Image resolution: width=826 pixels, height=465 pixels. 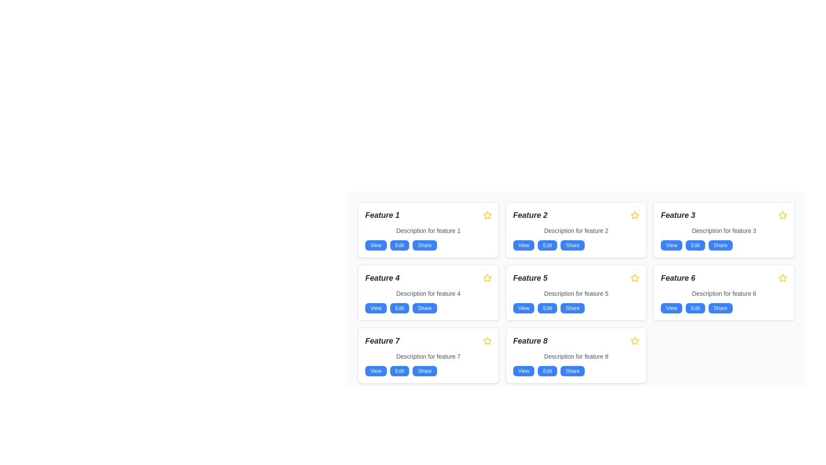 What do you see at coordinates (547, 245) in the screenshot?
I see `the second button in the horizontal alignment of buttons associated with 'Feature 2' to initiate editing` at bounding box center [547, 245].